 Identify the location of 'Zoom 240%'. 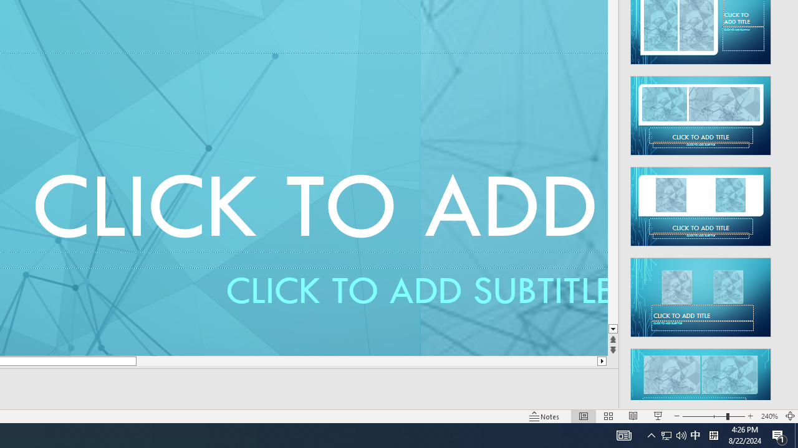
(769, 416).